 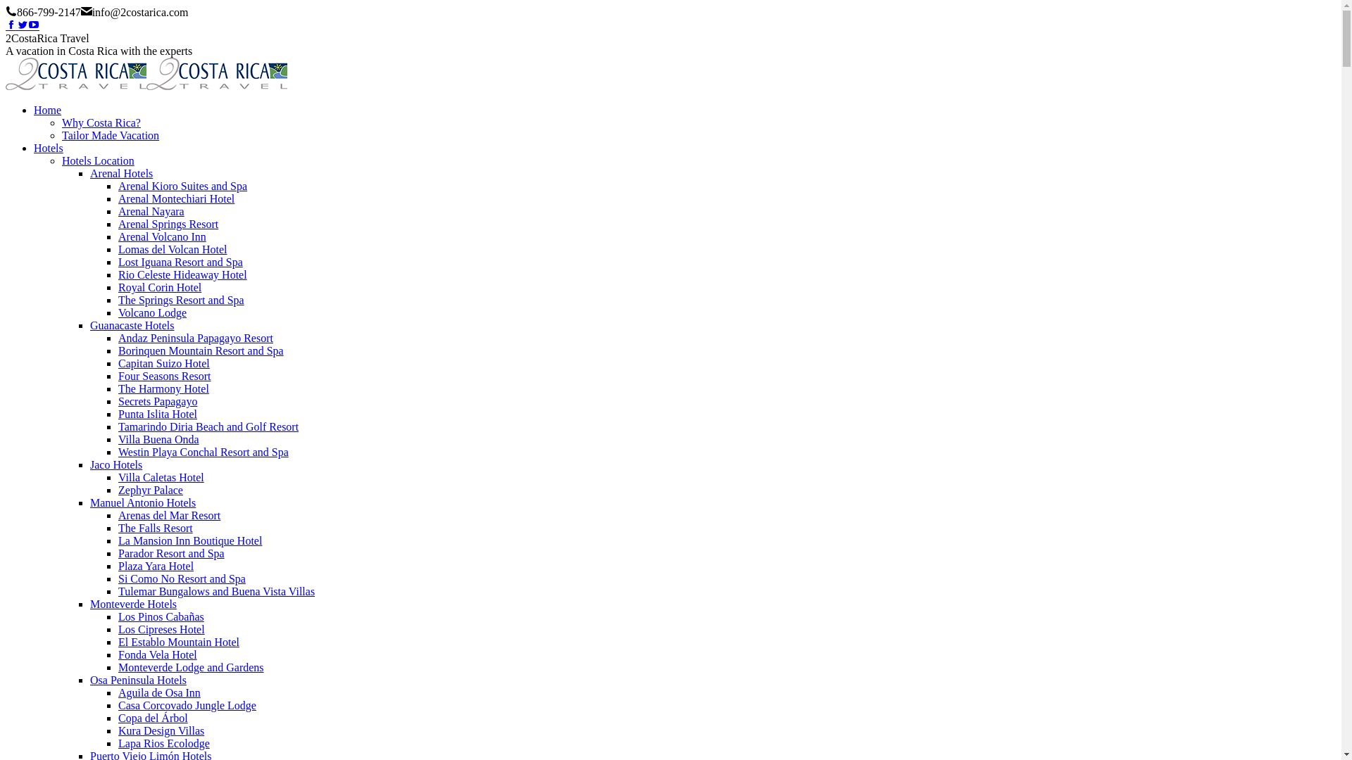 What do you see at coordinates (133, 603) in the screenshot?
I see `'Monteverde Hotels'` at bounding box center [133, 603].